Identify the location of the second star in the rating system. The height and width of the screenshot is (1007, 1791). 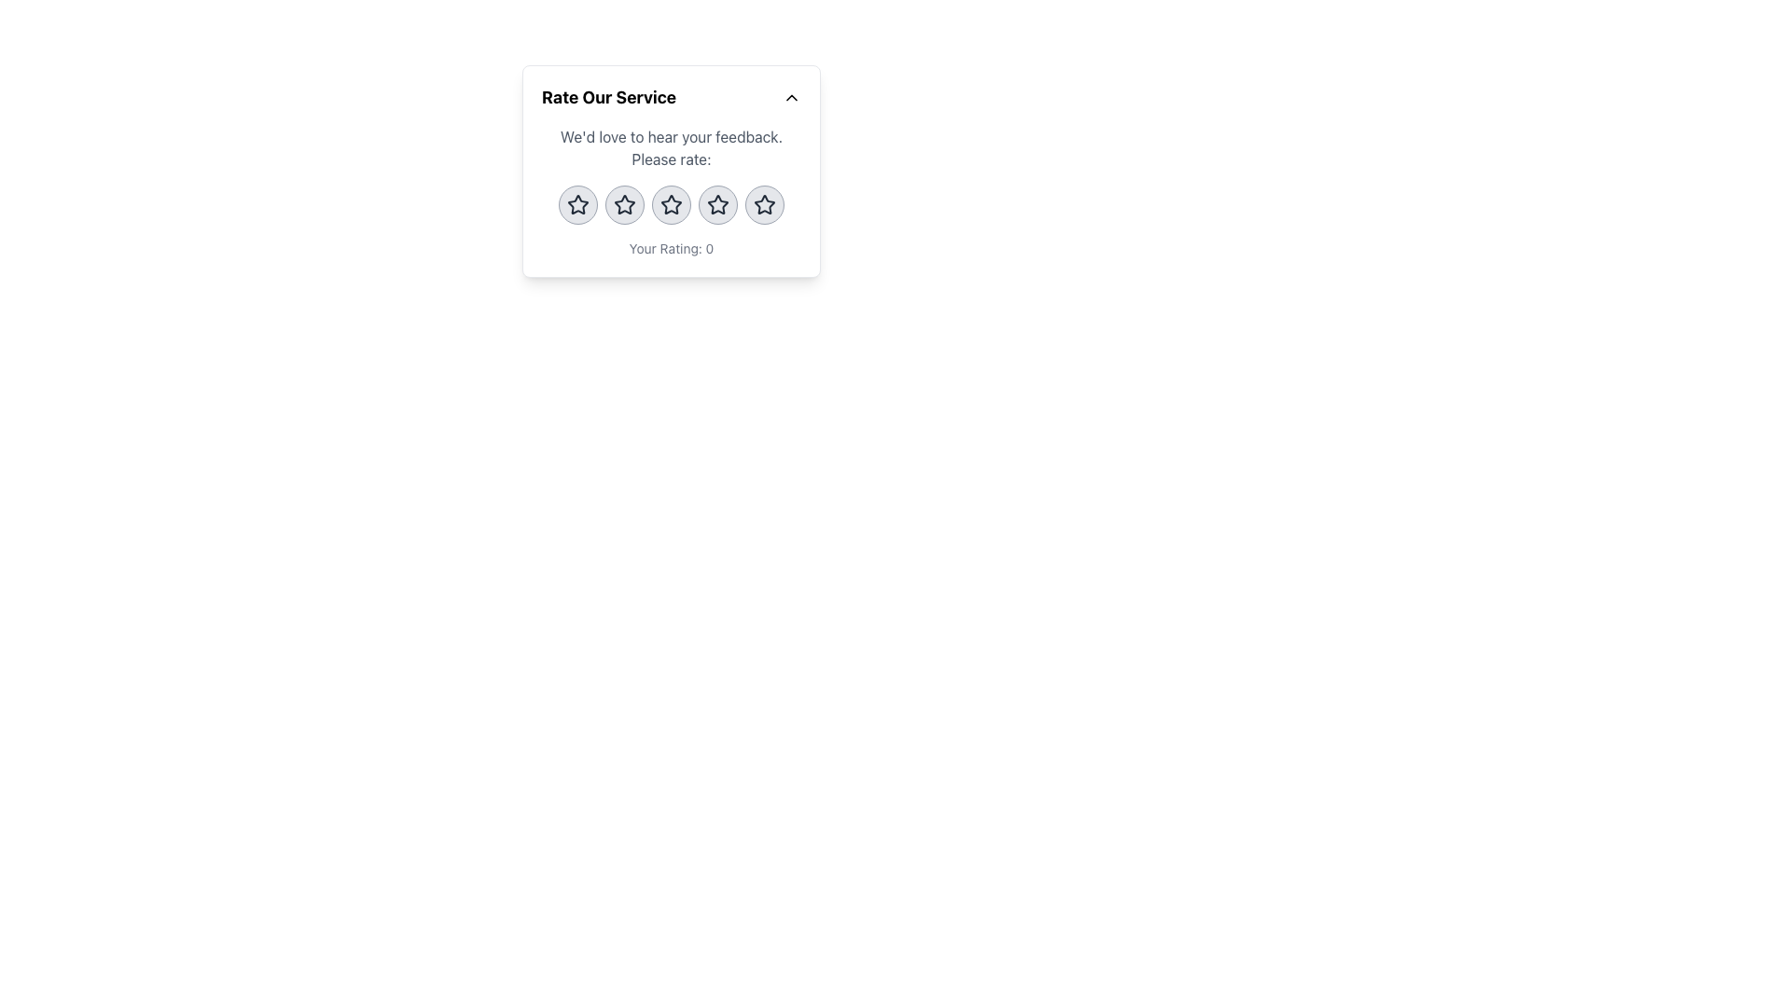
(625, 204).